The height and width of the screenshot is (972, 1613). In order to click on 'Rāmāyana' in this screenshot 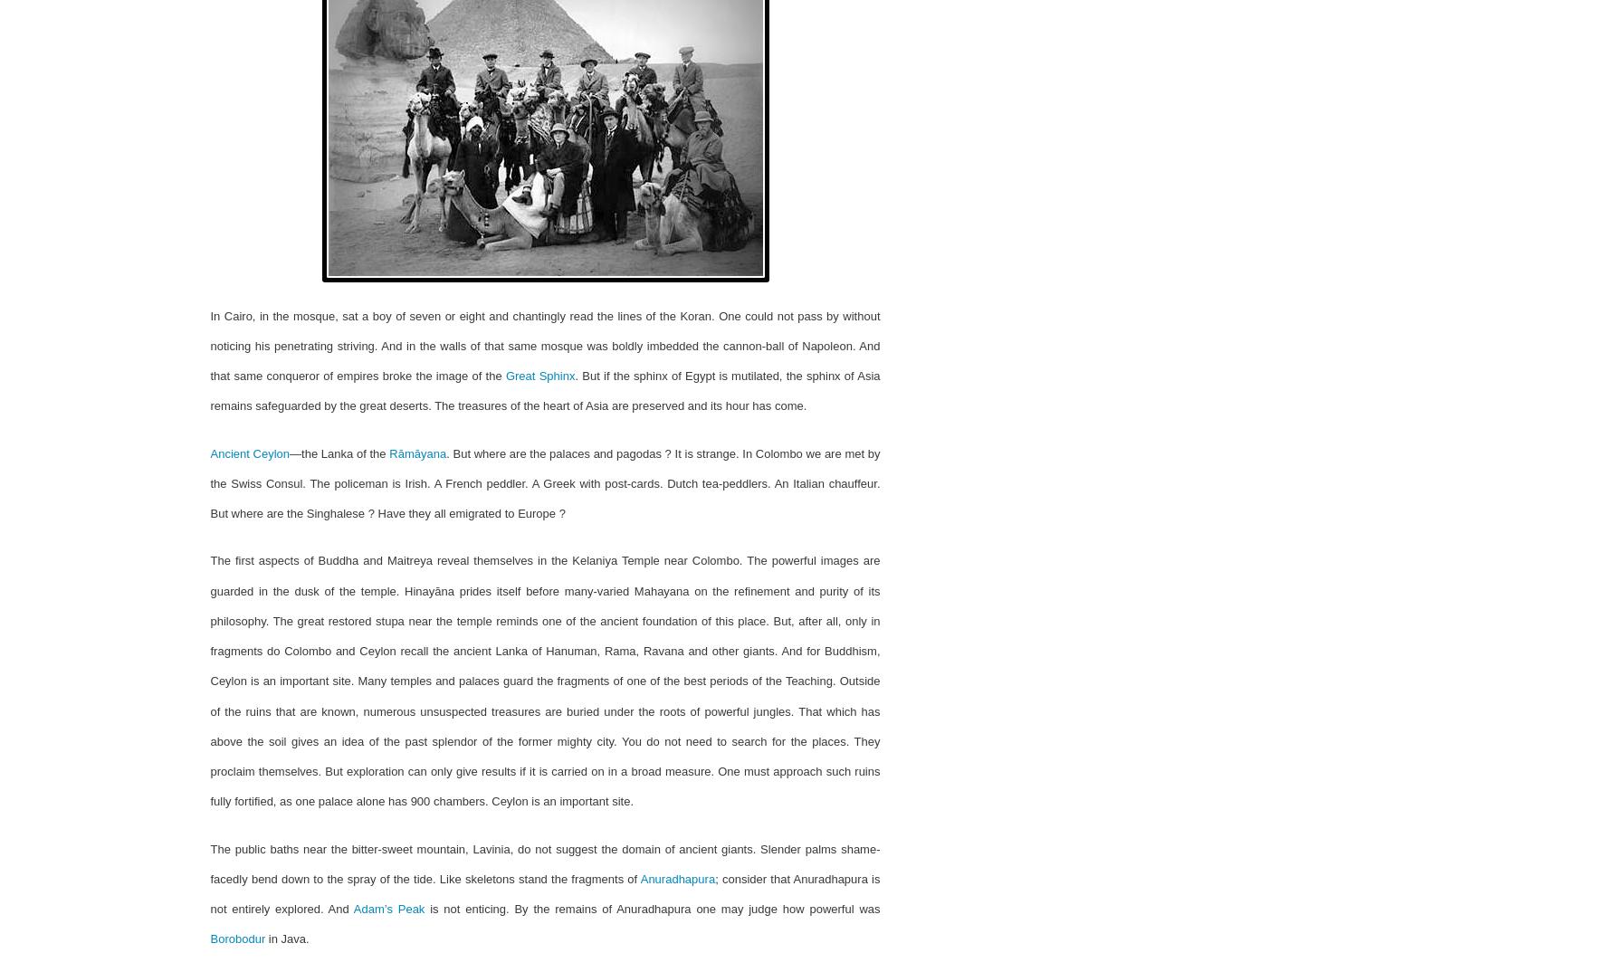, I will do `click(416, 453)`.